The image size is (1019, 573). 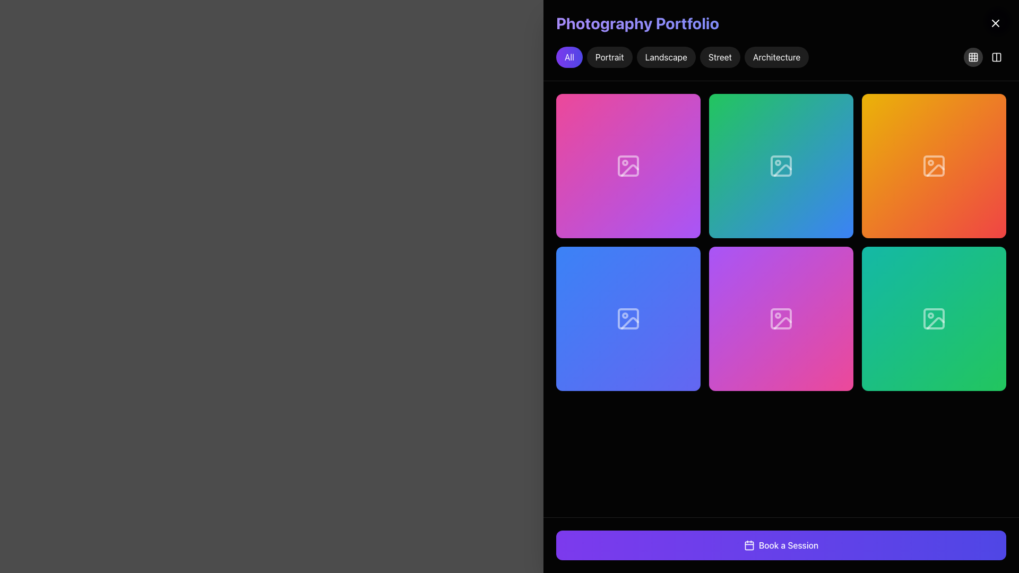 I want to click on the vector graphic segment located in the second row, third column of the grid layout, which is represented by minimalistic line art styling, so click(x=653, y=320).